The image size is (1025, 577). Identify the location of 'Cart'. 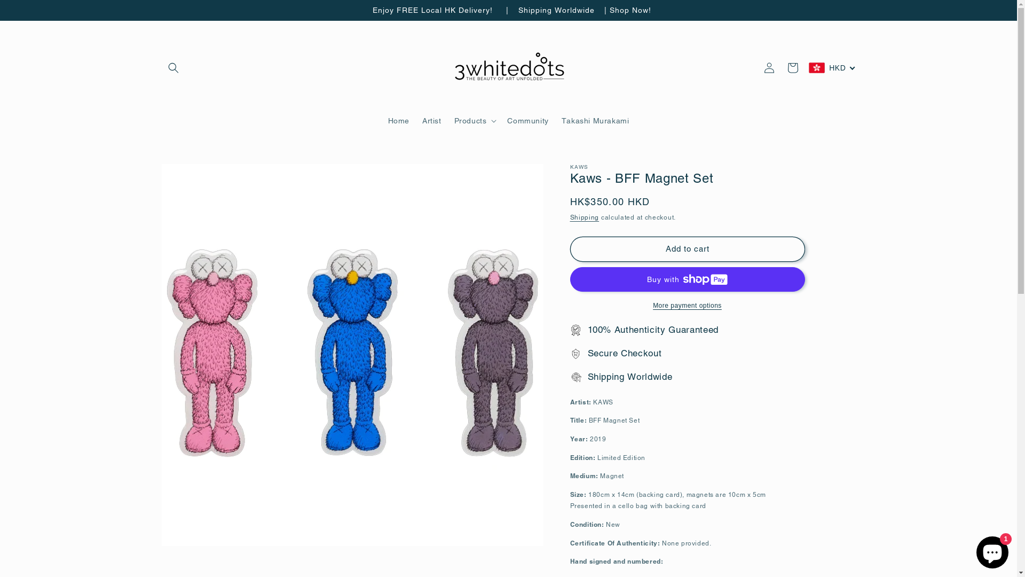
(792, 68).